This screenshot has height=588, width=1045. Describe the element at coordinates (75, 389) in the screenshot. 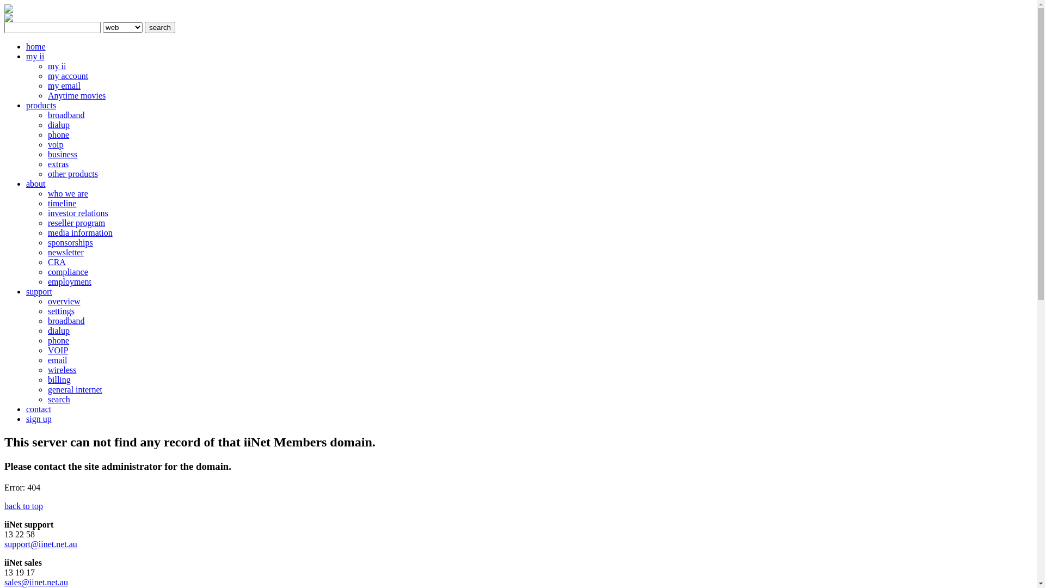

I see `'general internet'` at that location.